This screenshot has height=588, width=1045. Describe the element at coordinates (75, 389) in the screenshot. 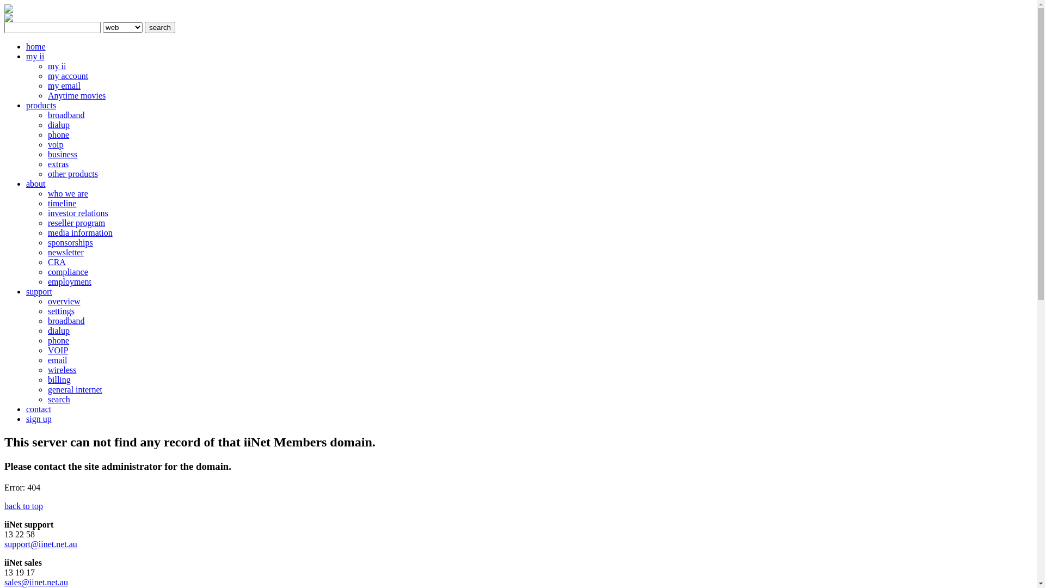

I see `'general internet'` at that location.